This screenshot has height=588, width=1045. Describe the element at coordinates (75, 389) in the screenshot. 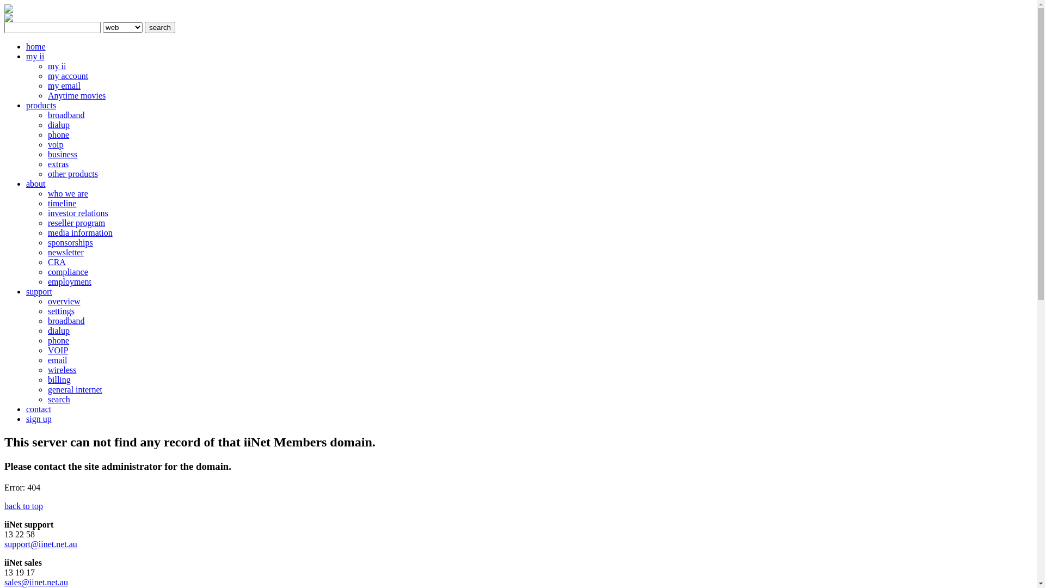

I see `'general internet'` at that location.